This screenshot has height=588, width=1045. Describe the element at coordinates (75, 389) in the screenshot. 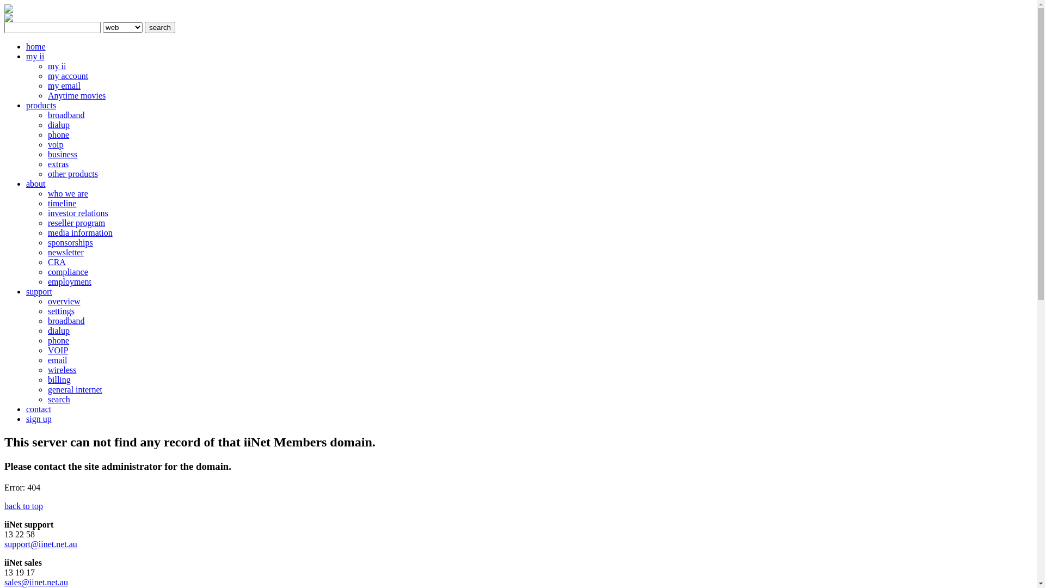

I see `'general internet'` at that location.